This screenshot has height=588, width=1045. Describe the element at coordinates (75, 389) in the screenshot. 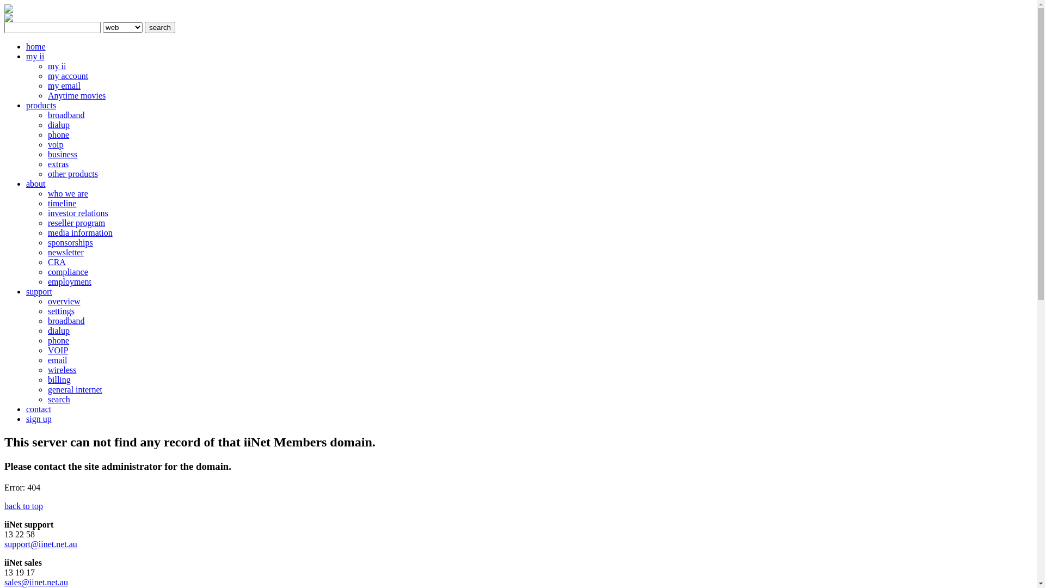

I see `'general internet'` at that location.